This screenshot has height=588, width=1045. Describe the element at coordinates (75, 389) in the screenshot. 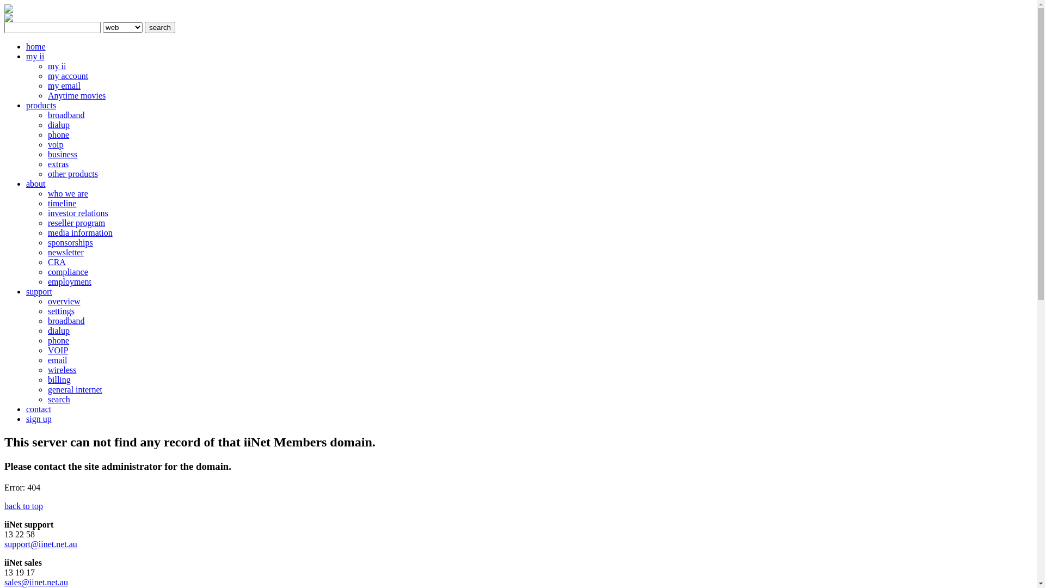

I see `'general internet'` at that location.